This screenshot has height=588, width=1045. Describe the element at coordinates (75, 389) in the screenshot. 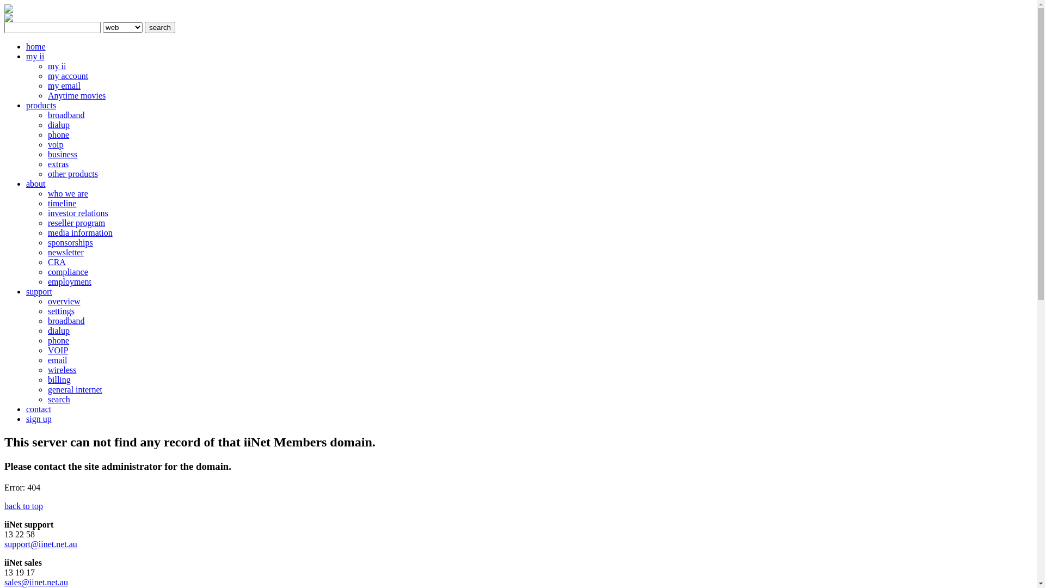

I see `'general internet'` at that location.